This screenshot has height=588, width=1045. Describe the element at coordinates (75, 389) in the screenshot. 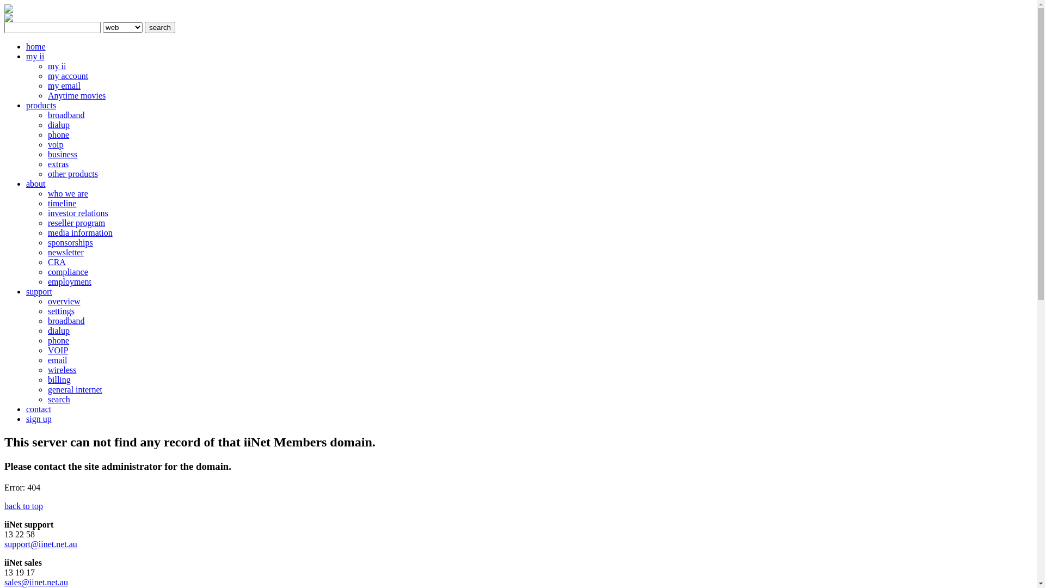

I see `'general internet'` at that location.